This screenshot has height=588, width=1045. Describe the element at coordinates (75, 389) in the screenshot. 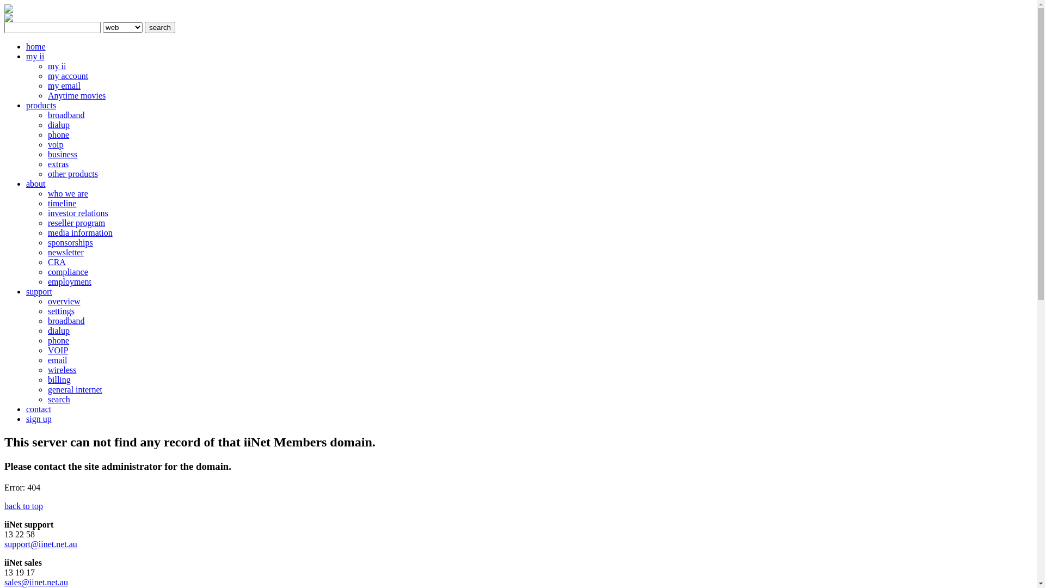

I see `'general internet'` at that location.